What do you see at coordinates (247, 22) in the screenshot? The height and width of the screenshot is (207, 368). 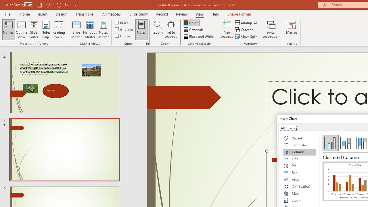 I see `'Arrange All'` at bounding box center [247, 22].